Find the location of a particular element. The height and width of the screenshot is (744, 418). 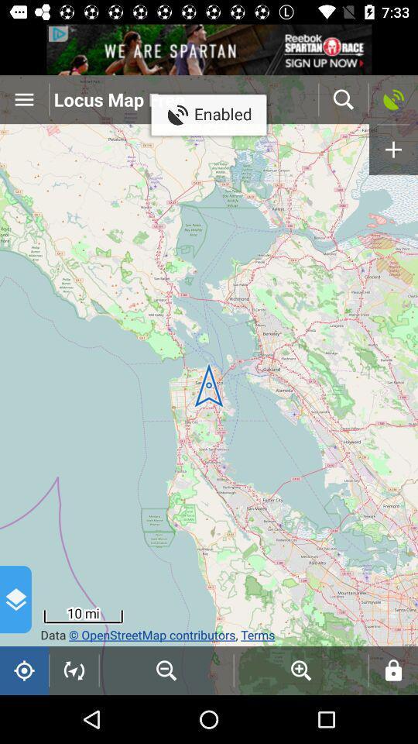

the location_crosshair icon is located at coordinates (23, 670).